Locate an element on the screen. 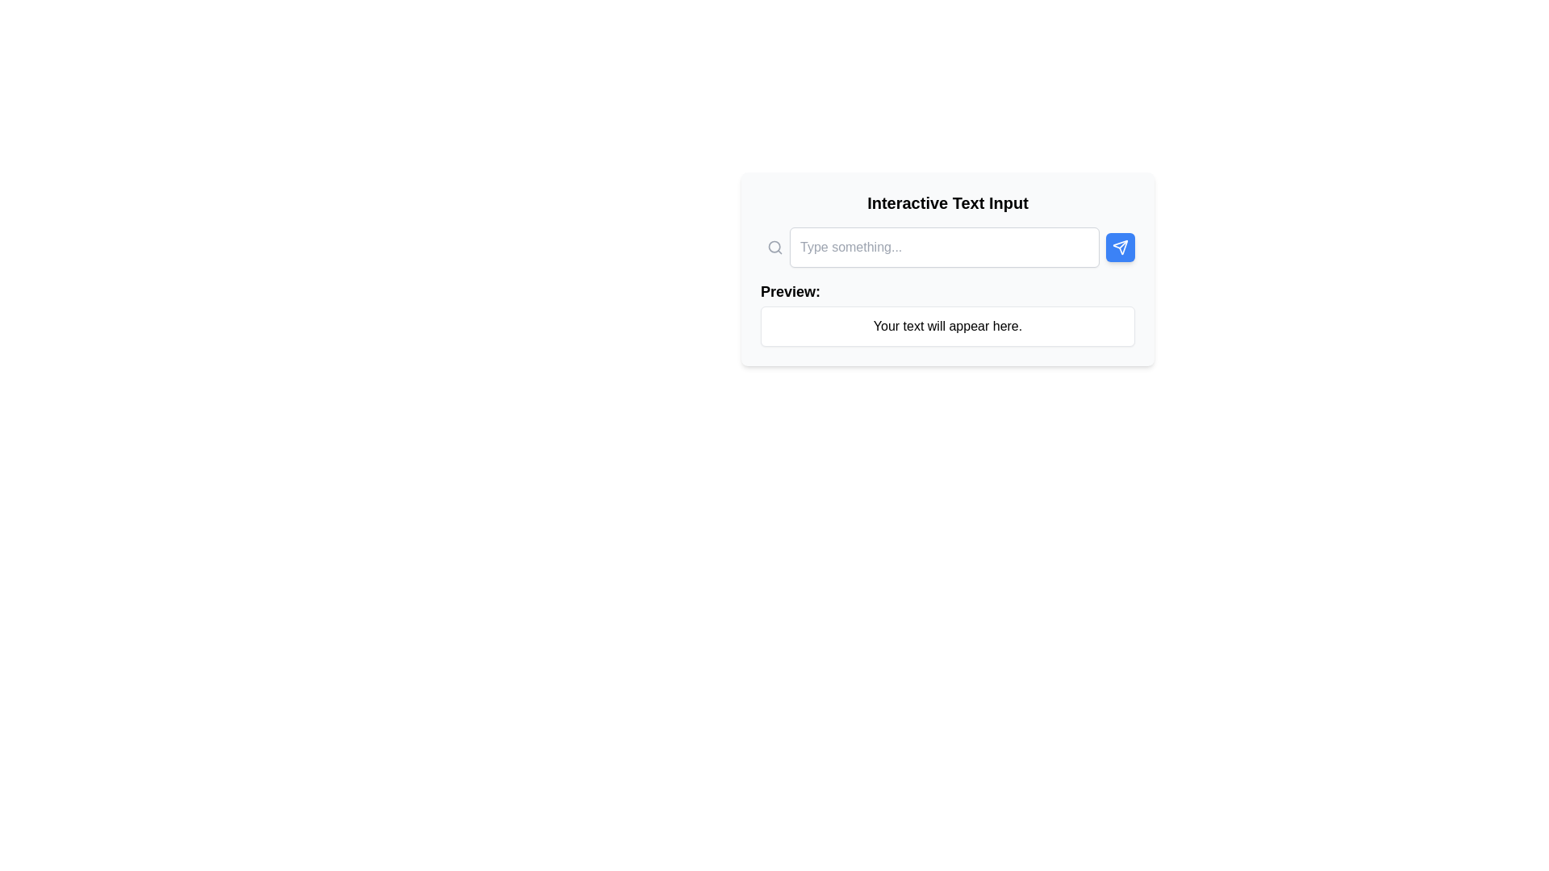 This screenshot has width=1549, height=871. attention visually on the gray magnifying glass icon located to the left of the text input field by clicking on it is located at coordinates (774, 248).